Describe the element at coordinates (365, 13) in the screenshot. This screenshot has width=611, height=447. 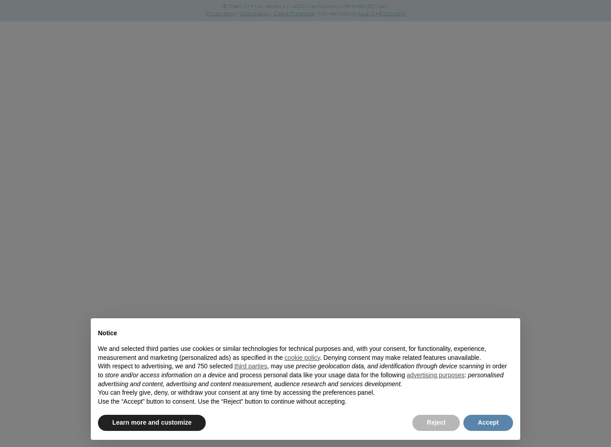
I see `'Asuar.it'` at that location.